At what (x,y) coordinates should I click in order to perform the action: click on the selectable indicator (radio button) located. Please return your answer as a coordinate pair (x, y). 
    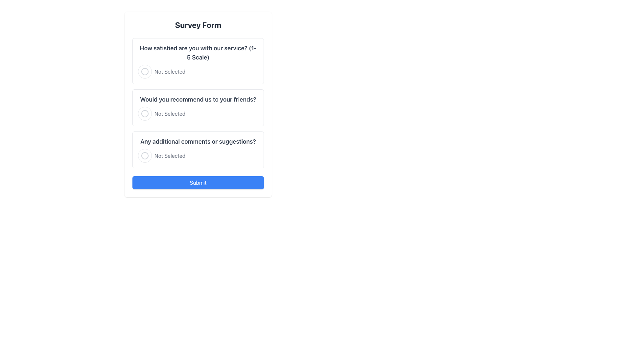
    Looking at the image, I should click on (145, 156).